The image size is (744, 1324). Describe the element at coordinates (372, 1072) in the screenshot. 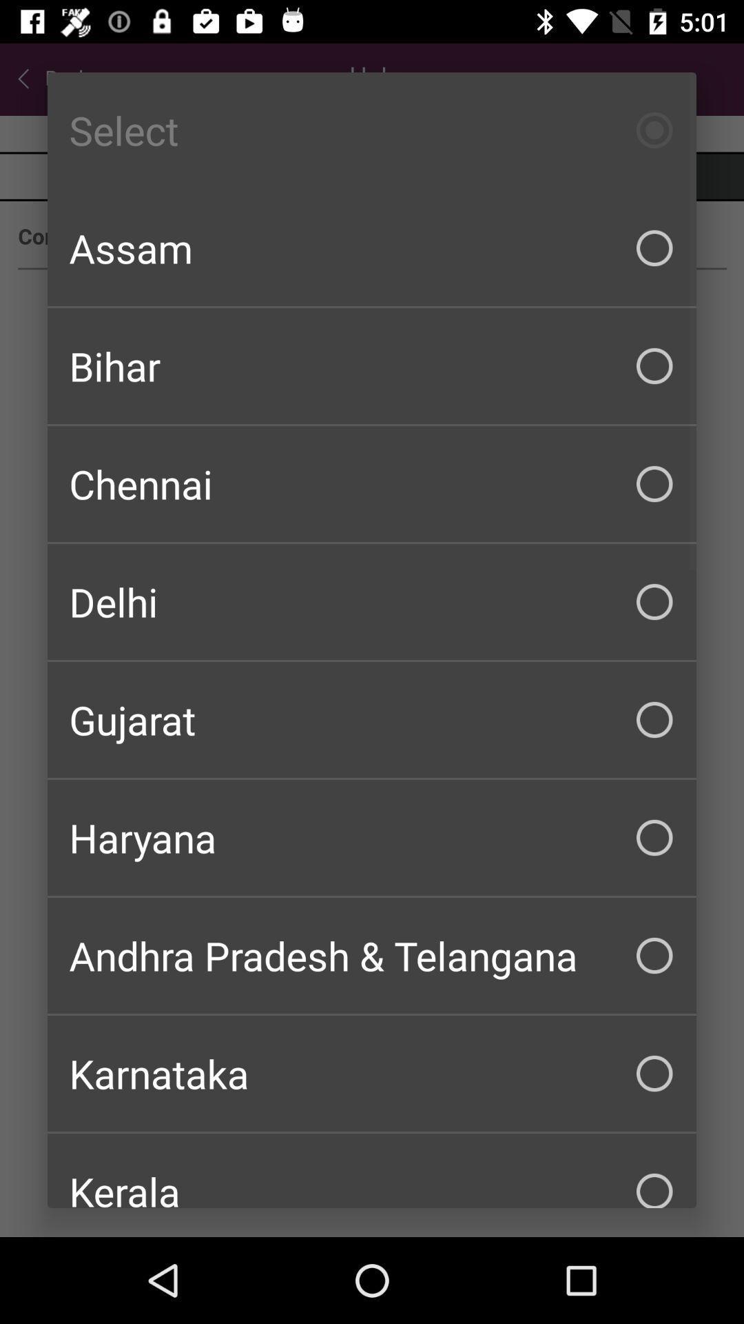

I see `the icon above the kerala` at that location.